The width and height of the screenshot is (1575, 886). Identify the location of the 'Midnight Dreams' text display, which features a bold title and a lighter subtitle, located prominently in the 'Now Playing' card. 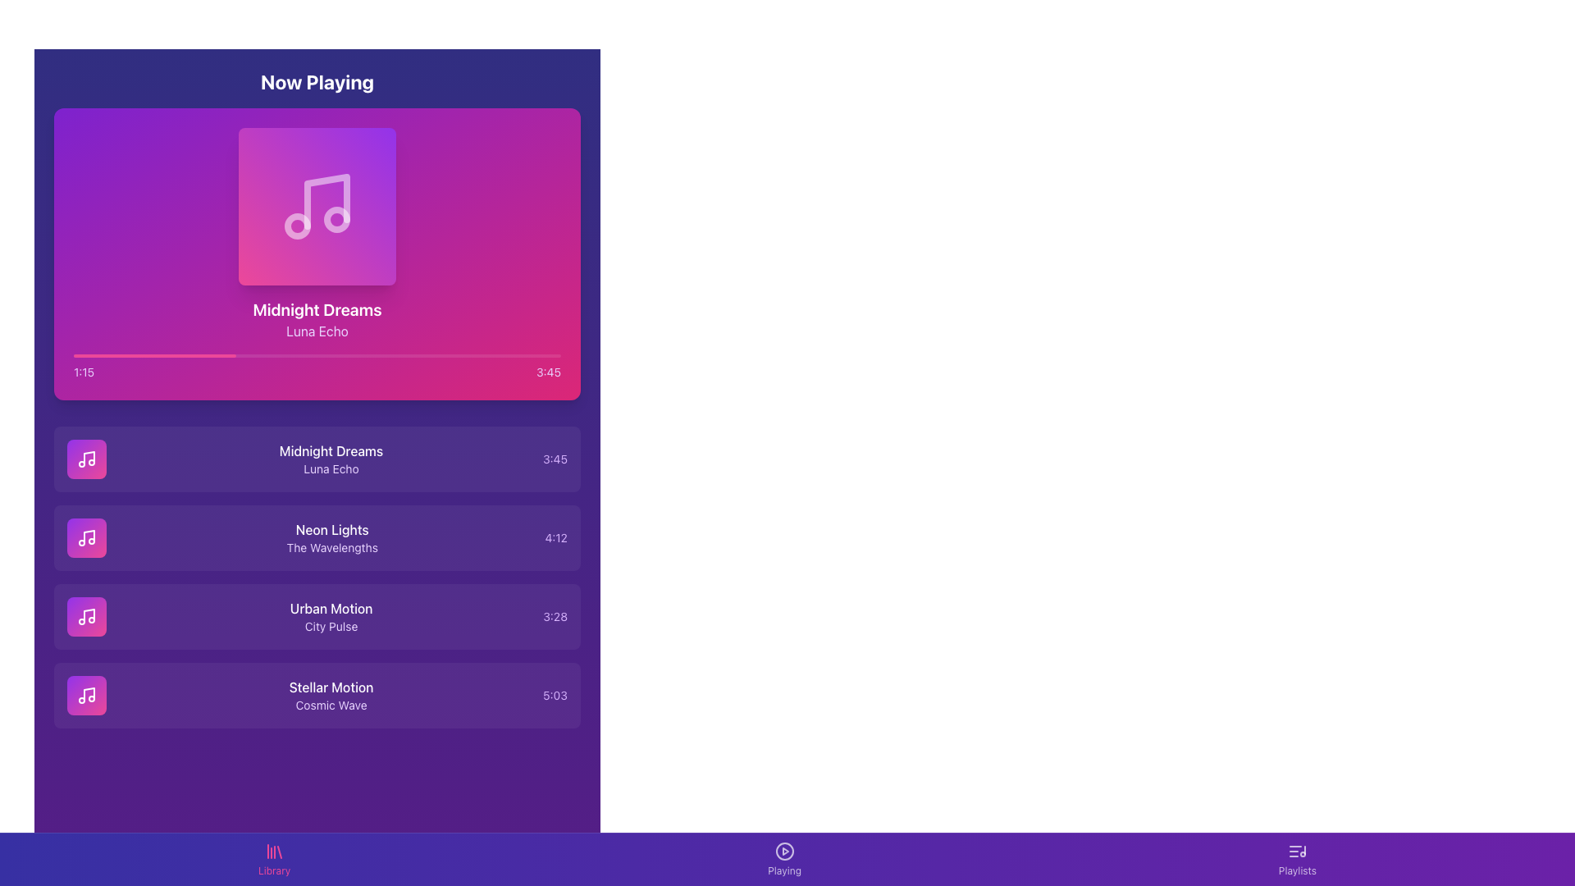
(317, 319).